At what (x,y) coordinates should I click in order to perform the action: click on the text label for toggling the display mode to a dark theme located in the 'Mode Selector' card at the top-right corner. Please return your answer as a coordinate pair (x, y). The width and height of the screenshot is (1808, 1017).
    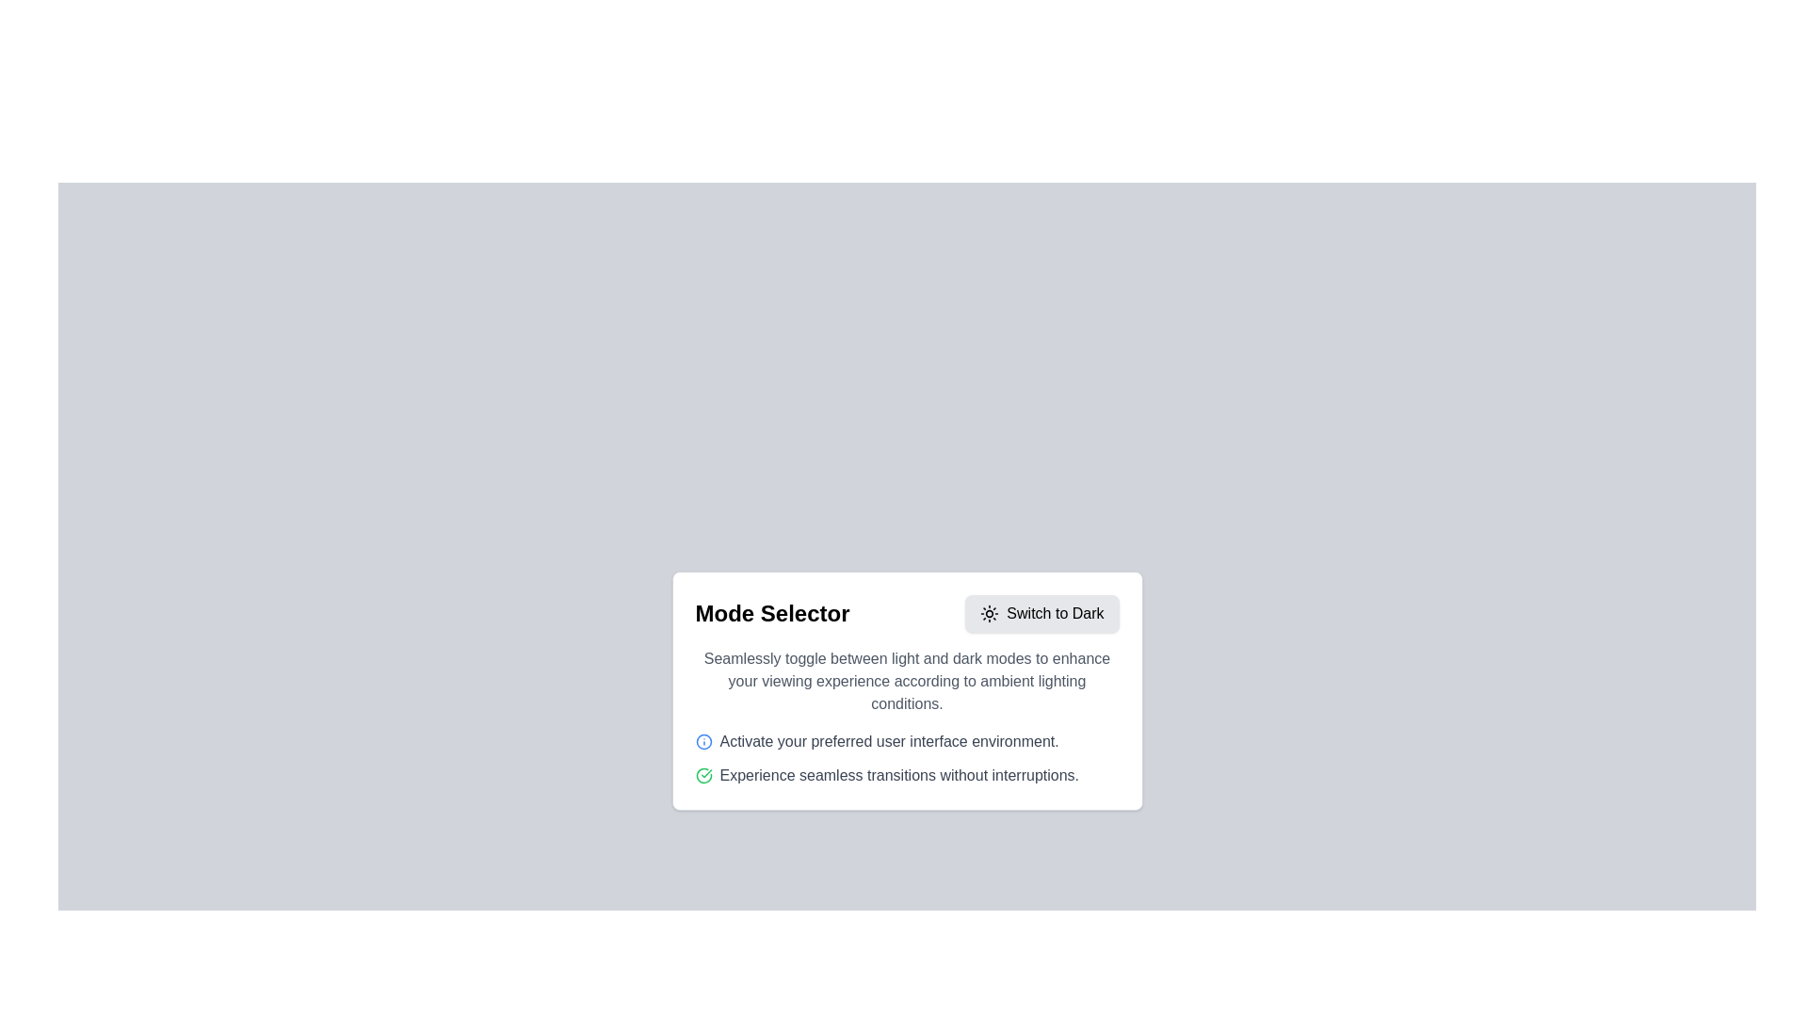
    Looking at the image, I should click on (1055, 613).